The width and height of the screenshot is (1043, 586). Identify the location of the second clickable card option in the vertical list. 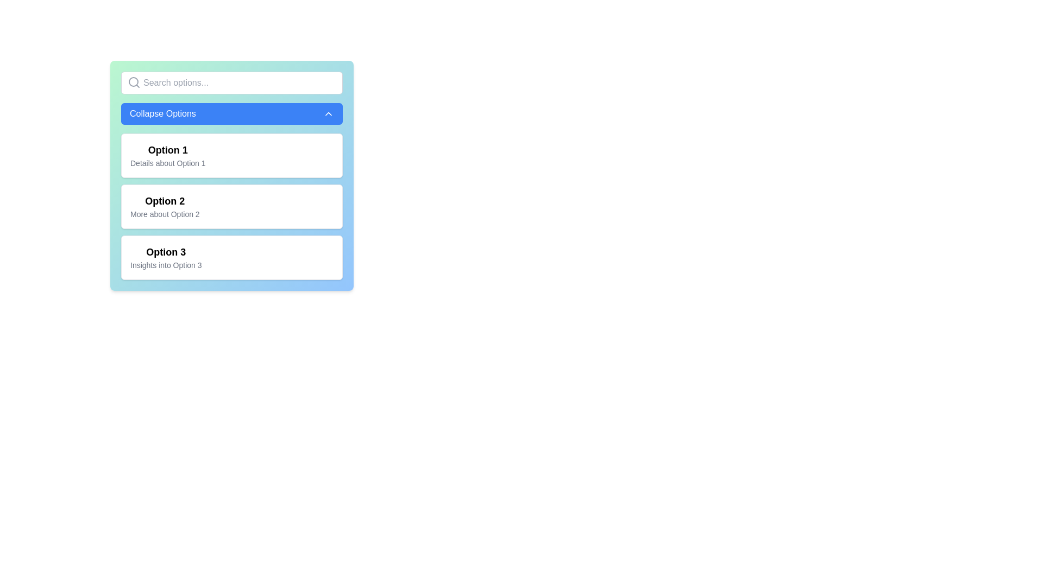
(231, 207).